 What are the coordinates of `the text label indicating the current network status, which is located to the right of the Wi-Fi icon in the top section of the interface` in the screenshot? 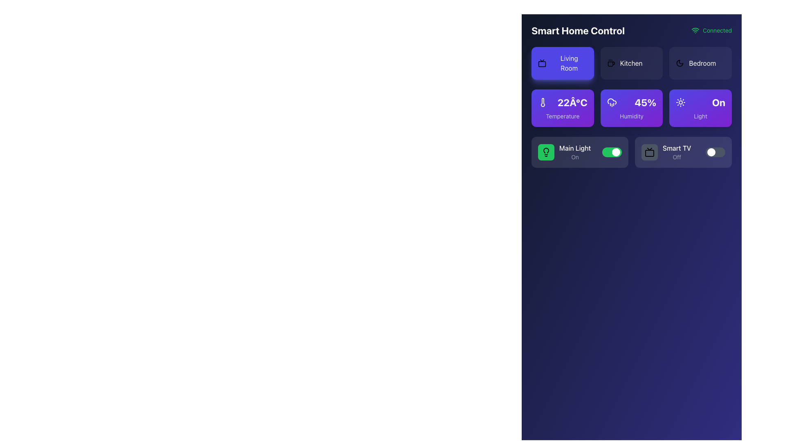 It's located at (717, 30).